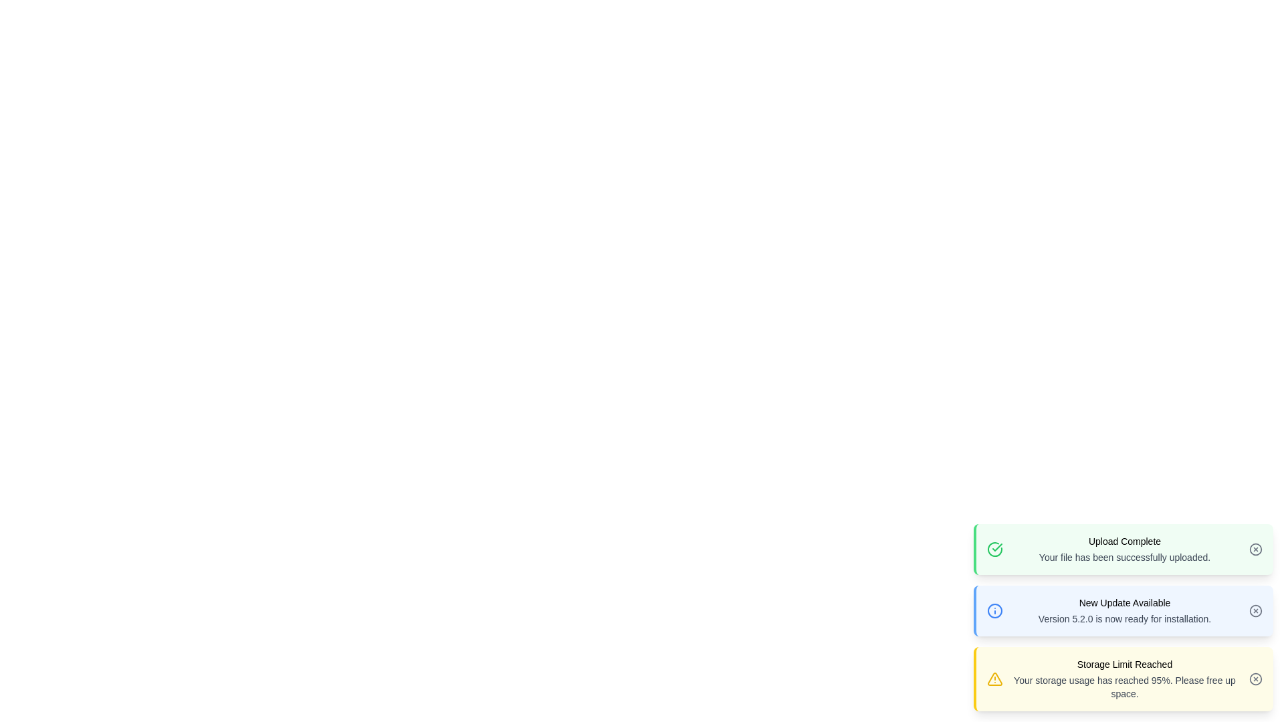 This screenshot has height=722, width=1284. Describe the element at coordinates (1123, 611) in the screenshot. I see `static text content about the software update located in the second notification card from the top with a blue-themed background` at that location.